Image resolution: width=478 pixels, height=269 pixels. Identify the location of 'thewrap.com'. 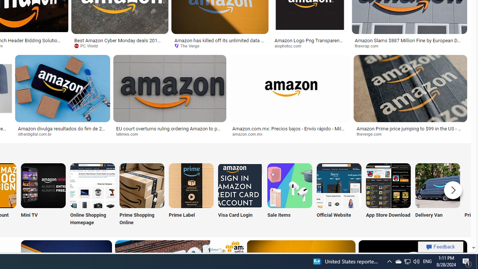
(369, 46).